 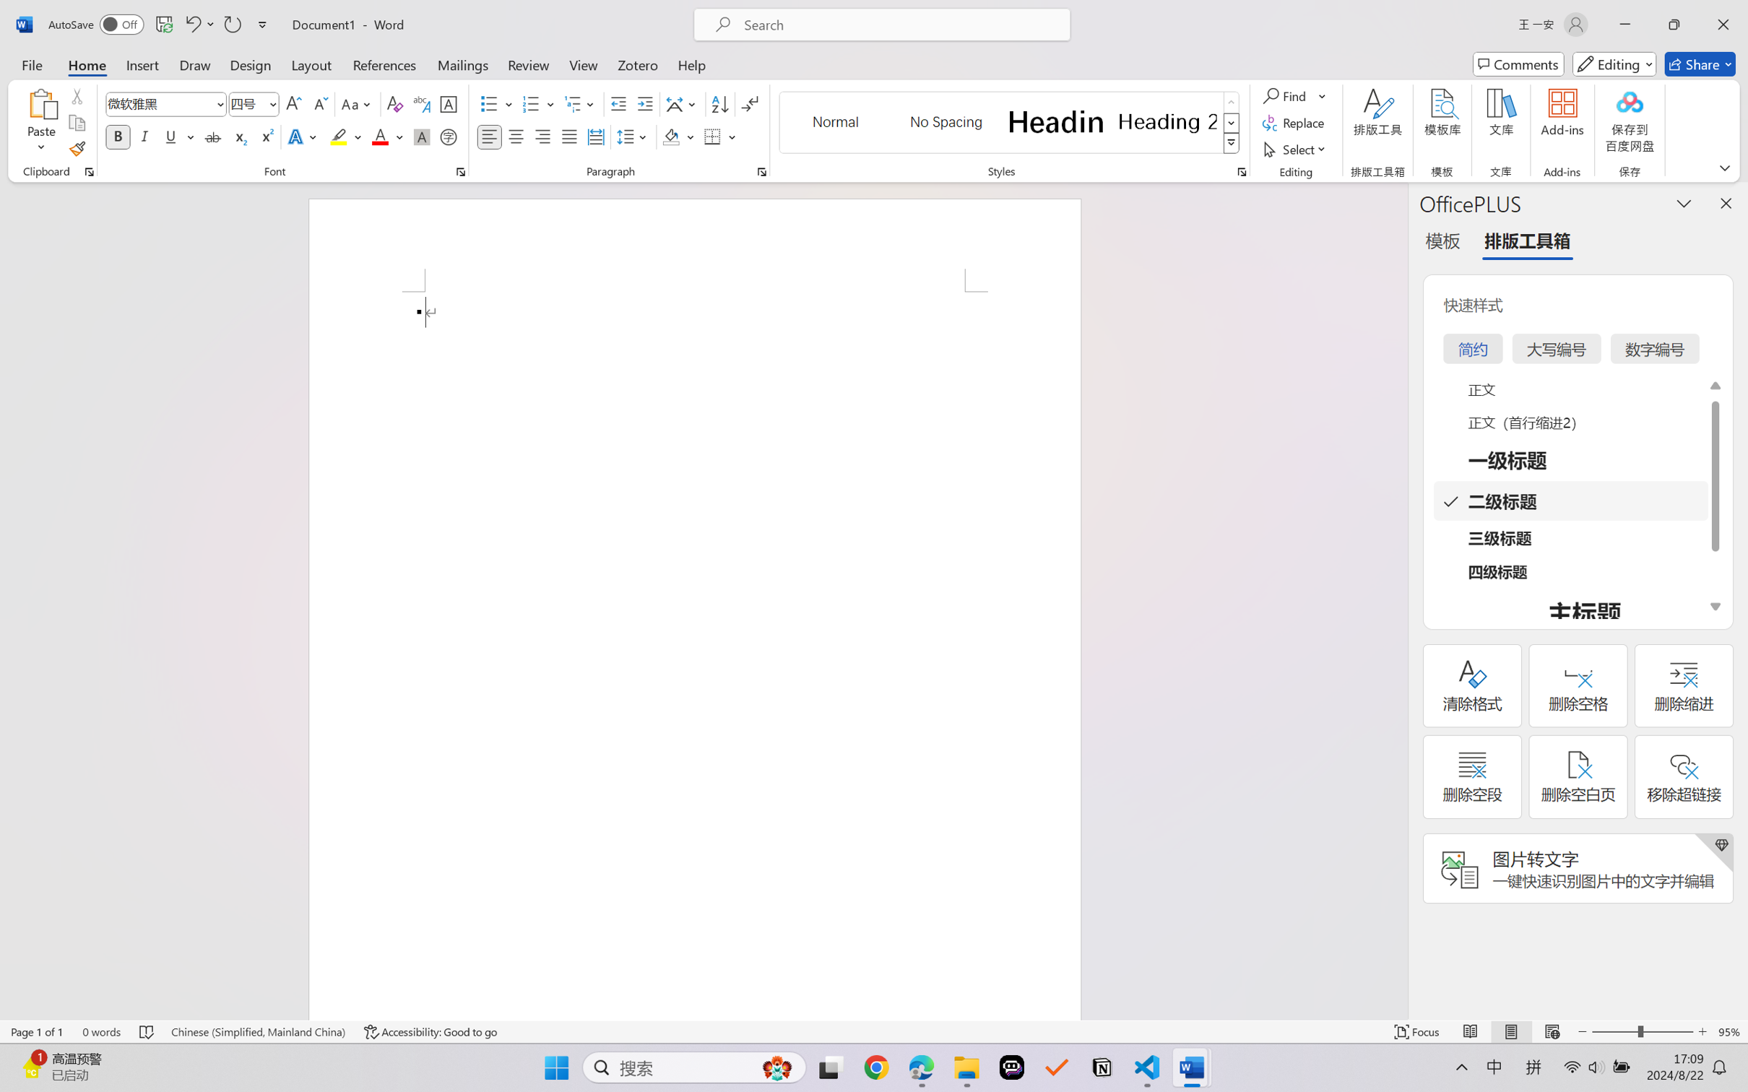 What do you see at coordinates (198, 24) in the screenshot?
I see `'Undo <ApplyStyleToDoc>b__0'` at bounding box center [198, 24].